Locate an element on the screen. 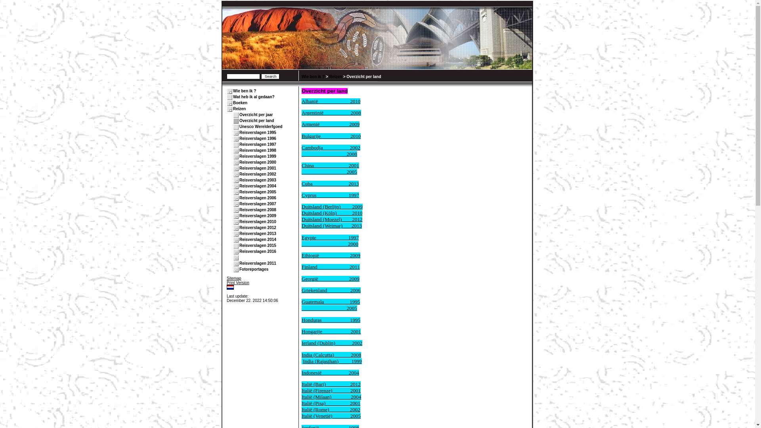  'Reisverslagen 2007' is located at coordinates (258, 203).